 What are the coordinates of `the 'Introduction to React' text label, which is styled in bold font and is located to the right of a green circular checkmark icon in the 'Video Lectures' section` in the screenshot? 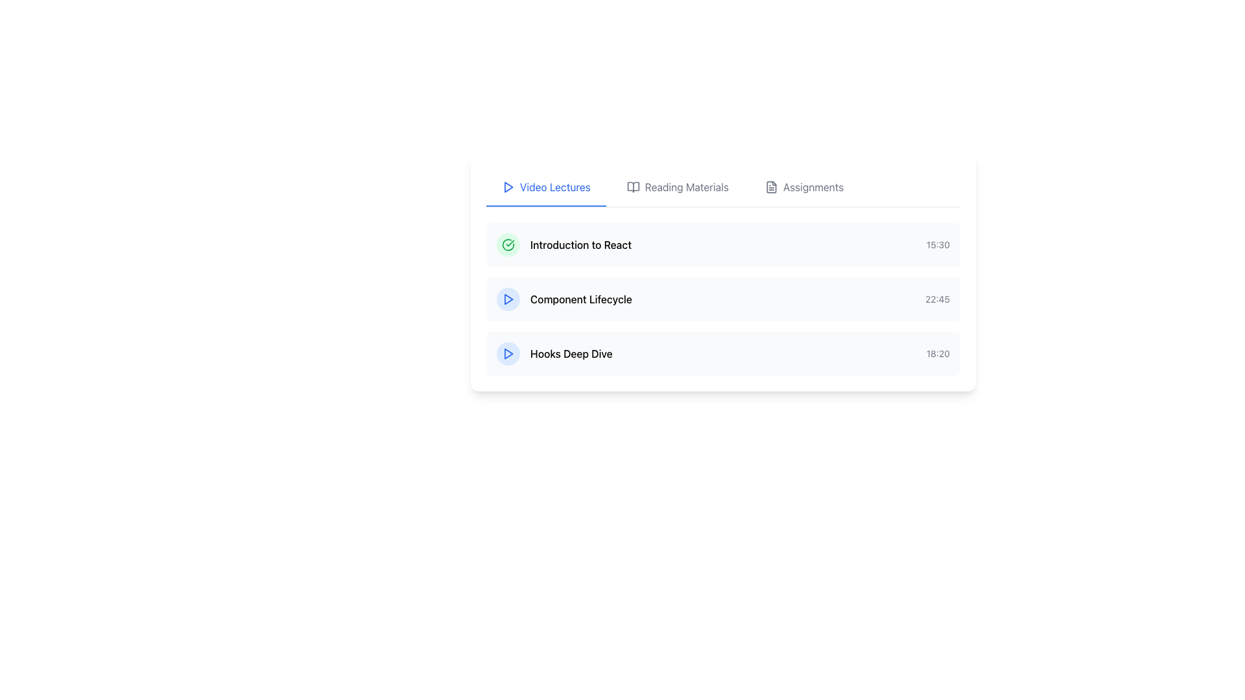 It's located at (563, 245).